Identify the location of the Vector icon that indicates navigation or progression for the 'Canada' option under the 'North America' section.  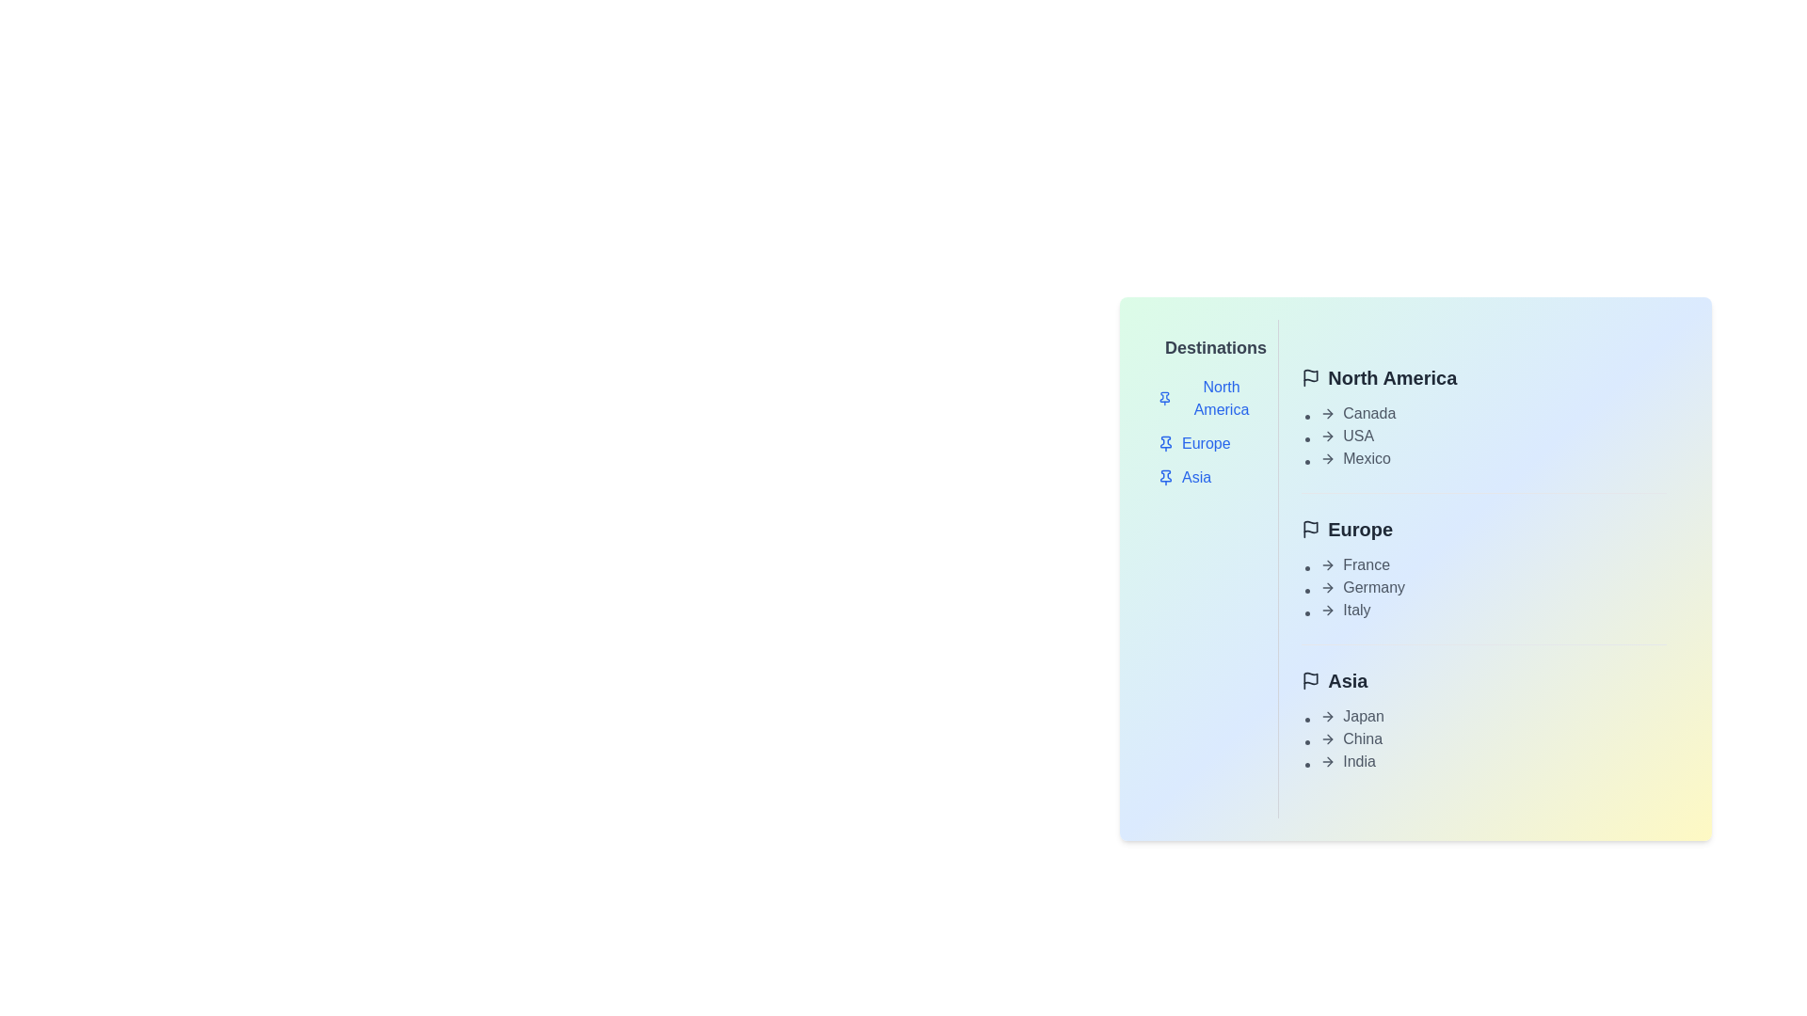
(1327, 412).